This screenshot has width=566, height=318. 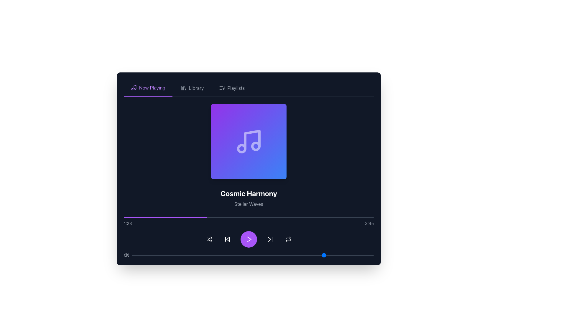 What do you see at coordinates (227, 239) in the screenshot?
I see `the backward navigation button, which is represented by an SVG icon depicting a skip-backwards shape, located in the lower section of the interface to the left of the central play button` at bounding box center [227, 239].